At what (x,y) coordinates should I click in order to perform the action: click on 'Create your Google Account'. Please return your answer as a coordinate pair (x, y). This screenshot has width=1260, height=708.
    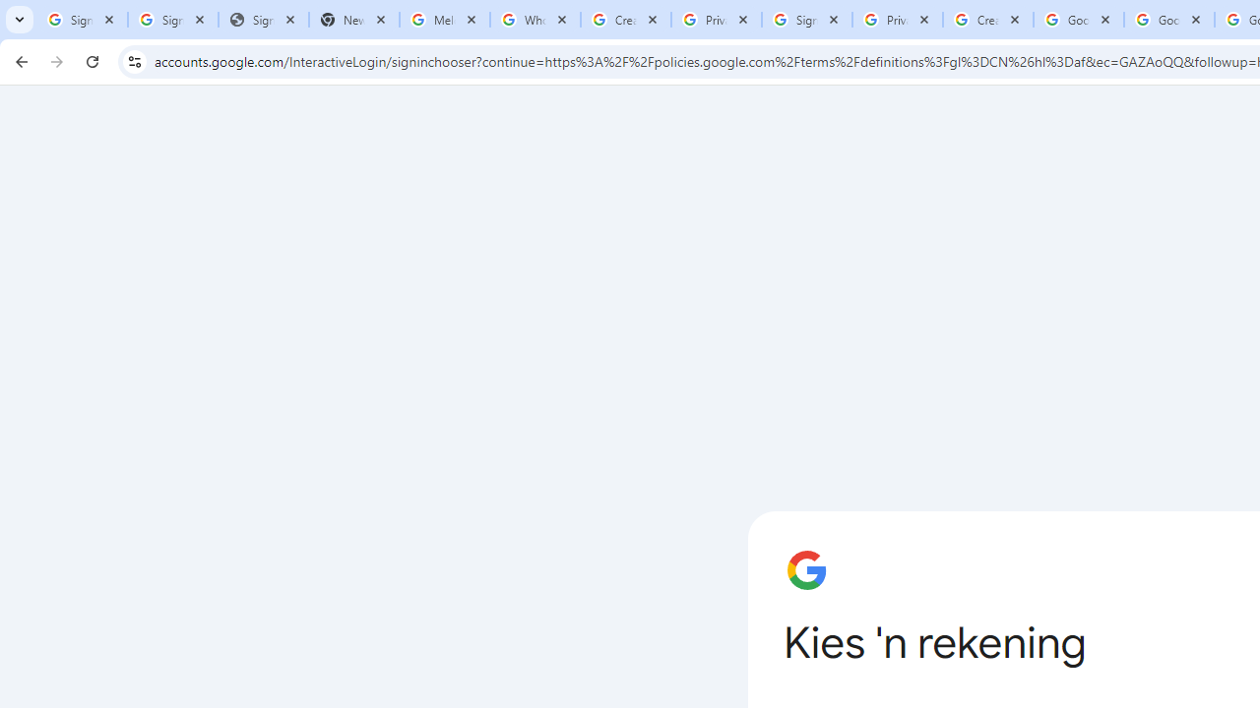
    Looking at the image, I should click on (987, 20).